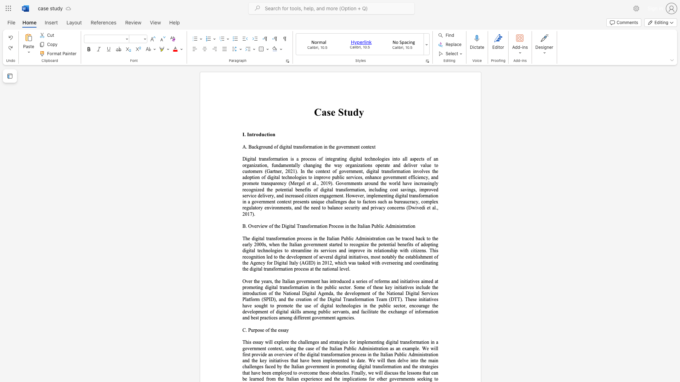 Image resolution: width=680 pixels, height=382 pixels. Describe the element at coordinates (294, 257) in the screenshot. I see `the subset text "elopment of several digital initiatives" within the text "The digital transformation process in the Italian Public Administration can be traced back to the early 2000s, when the Italian government started to recognize the potential benefits of adopting digital technologies to streamline its services and improve its relationship with citizens. This recognition led to the development of several digital initiatives, most notably the establishment of the Agency for Digital Italy (AGID) in 2012, which was tasked with overseeing and coordinating the digital transformati"` at that location.